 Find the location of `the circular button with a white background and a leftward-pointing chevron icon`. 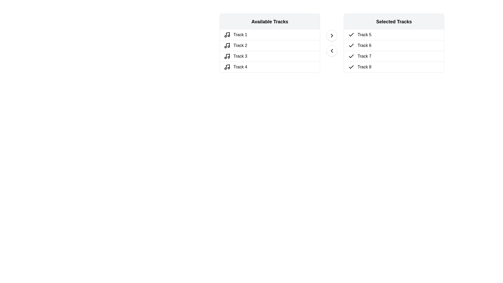

the circular button with a white background and a leftward-pointing chevron icon is located at coordinates (332, 51).